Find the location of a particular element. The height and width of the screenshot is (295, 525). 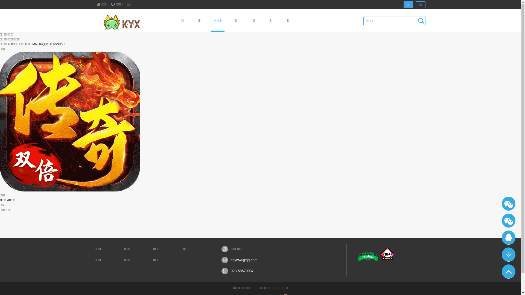

'O' is located at coordinates (38, 44).